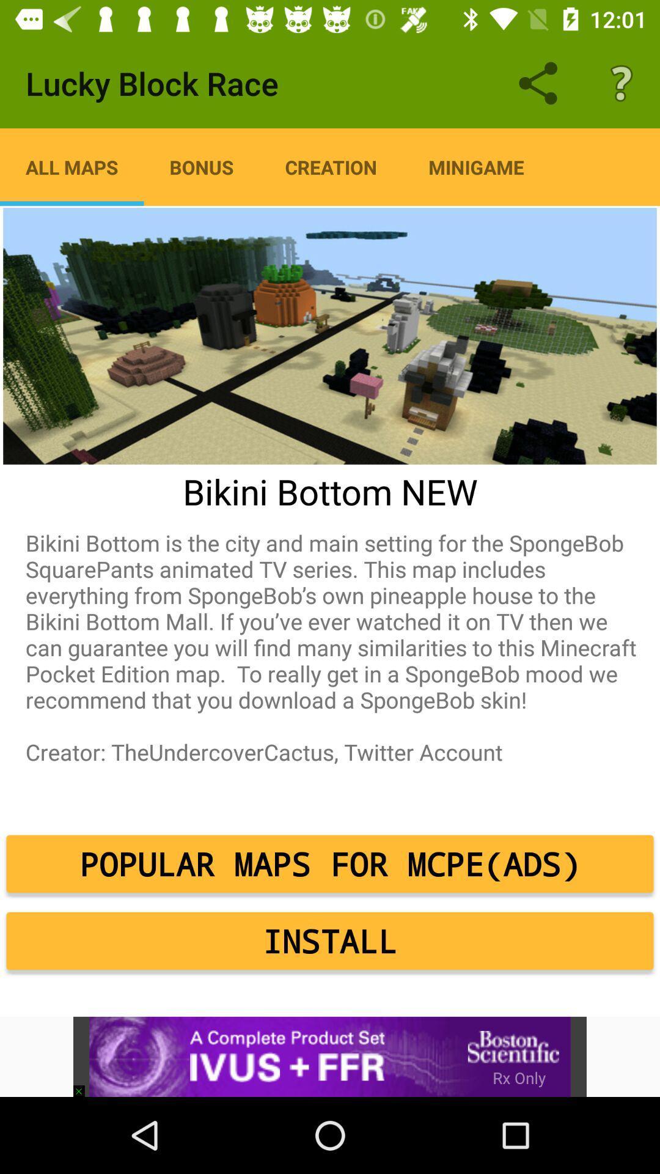  I want to click on the icon to the left of the creation, so click(201, 166).